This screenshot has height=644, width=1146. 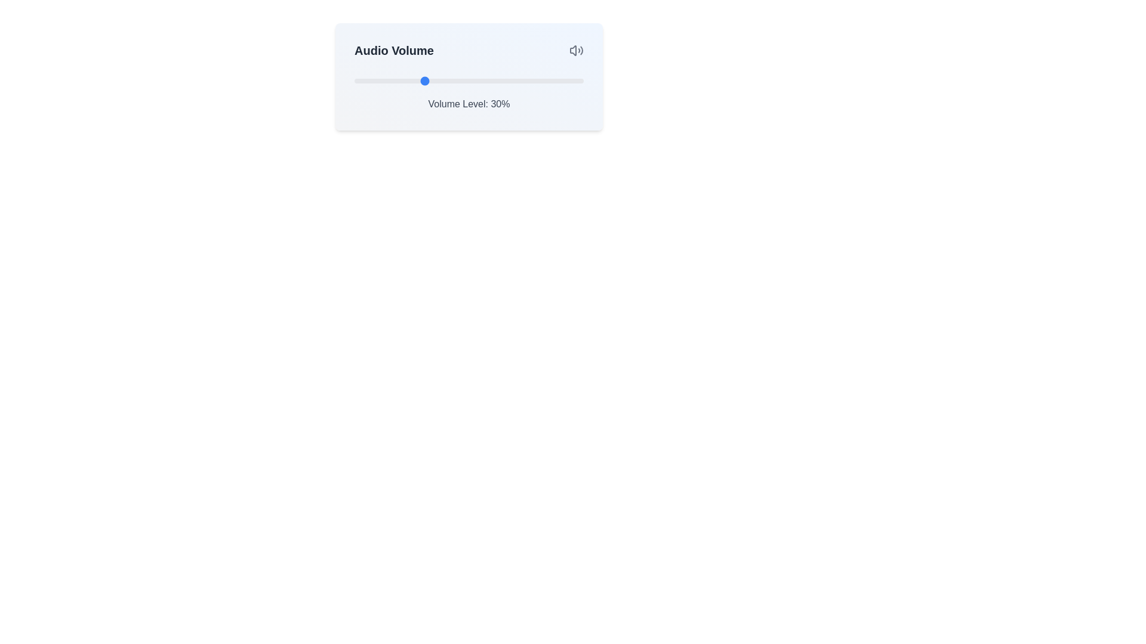 What do you see at coordinates (354, 80) in the screenshot?
I see `audio volume` at bounding box center [354, 80].